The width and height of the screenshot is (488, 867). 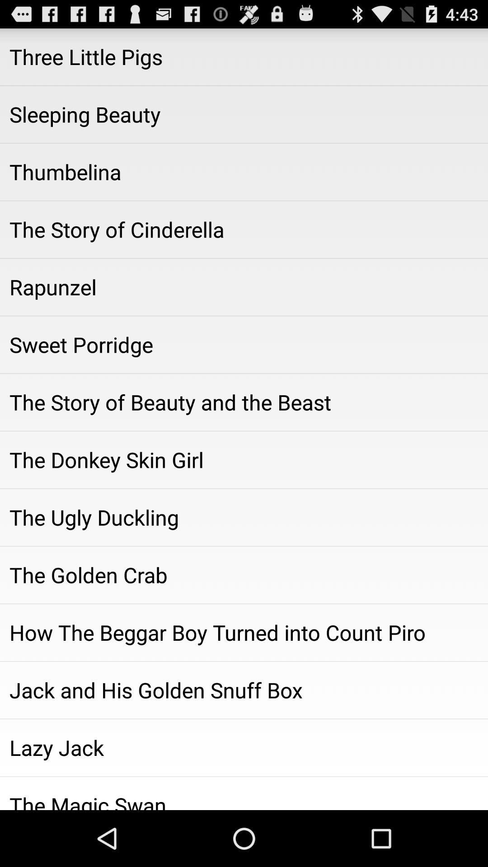 What do you see at coordinates (244, 574) in the screenshot?
I see `the icon above the how the beggar` at bounding box center [244, 574].